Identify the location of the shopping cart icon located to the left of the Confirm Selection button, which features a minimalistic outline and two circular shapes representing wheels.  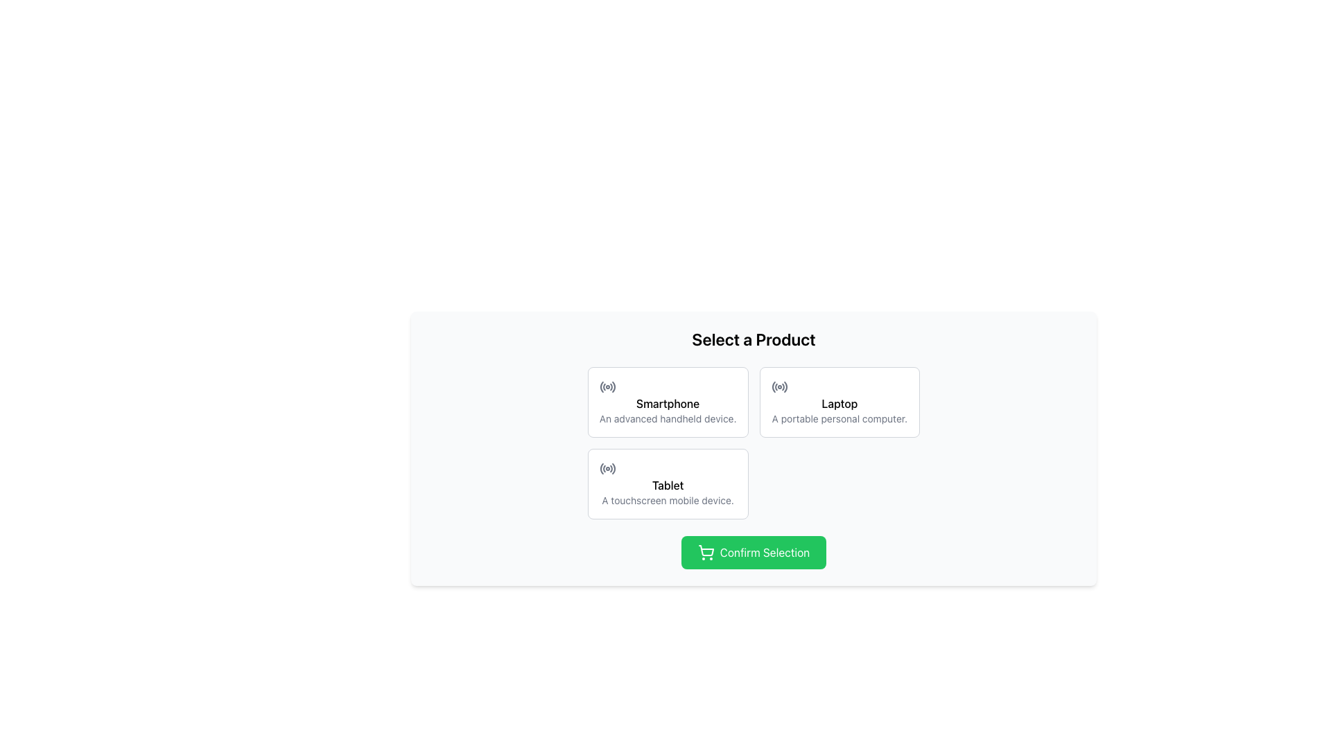
(706, 552).